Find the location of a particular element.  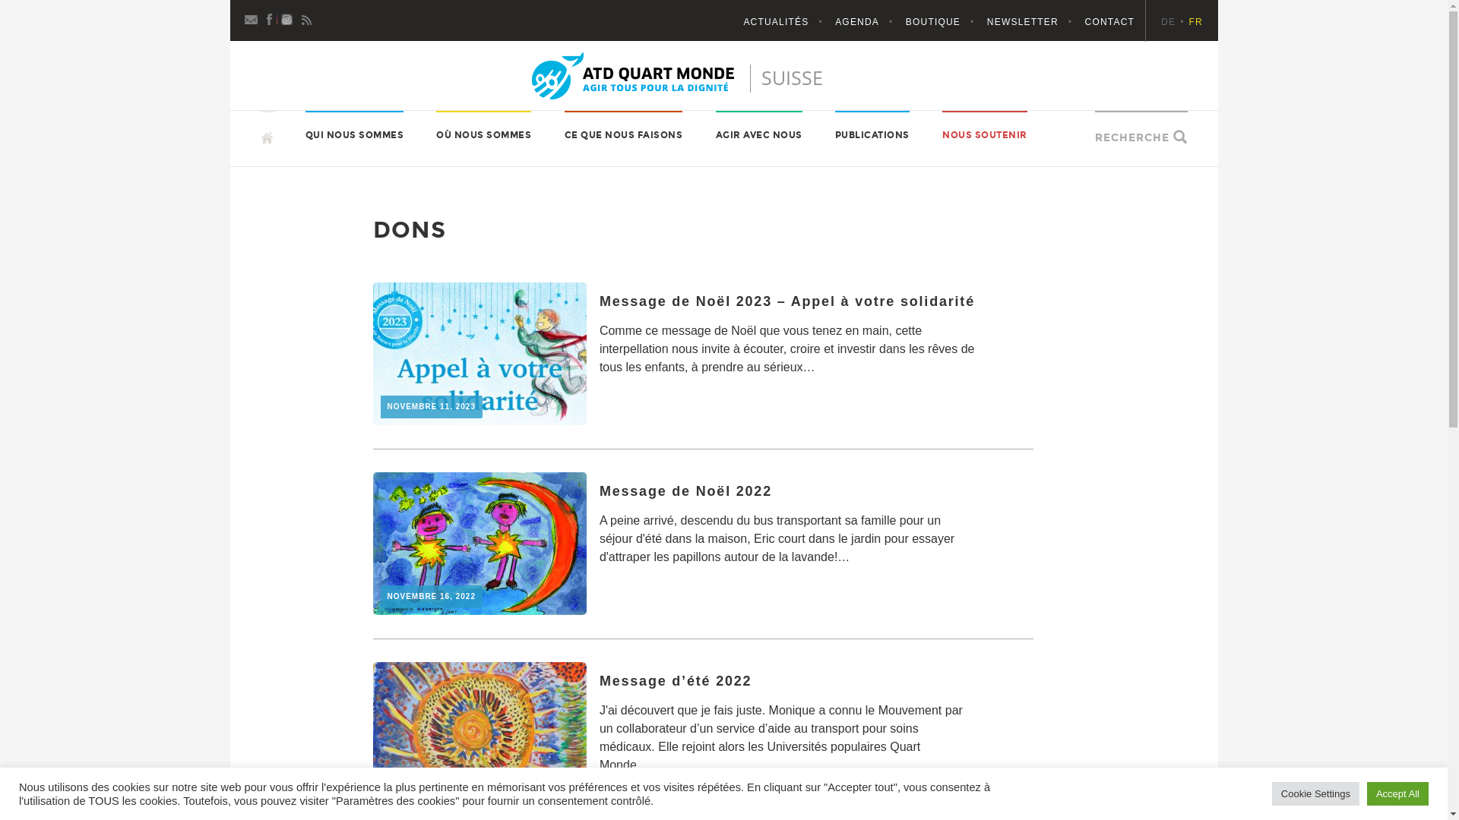

'RECHERCHE' is located at coordinates (1131, 137).